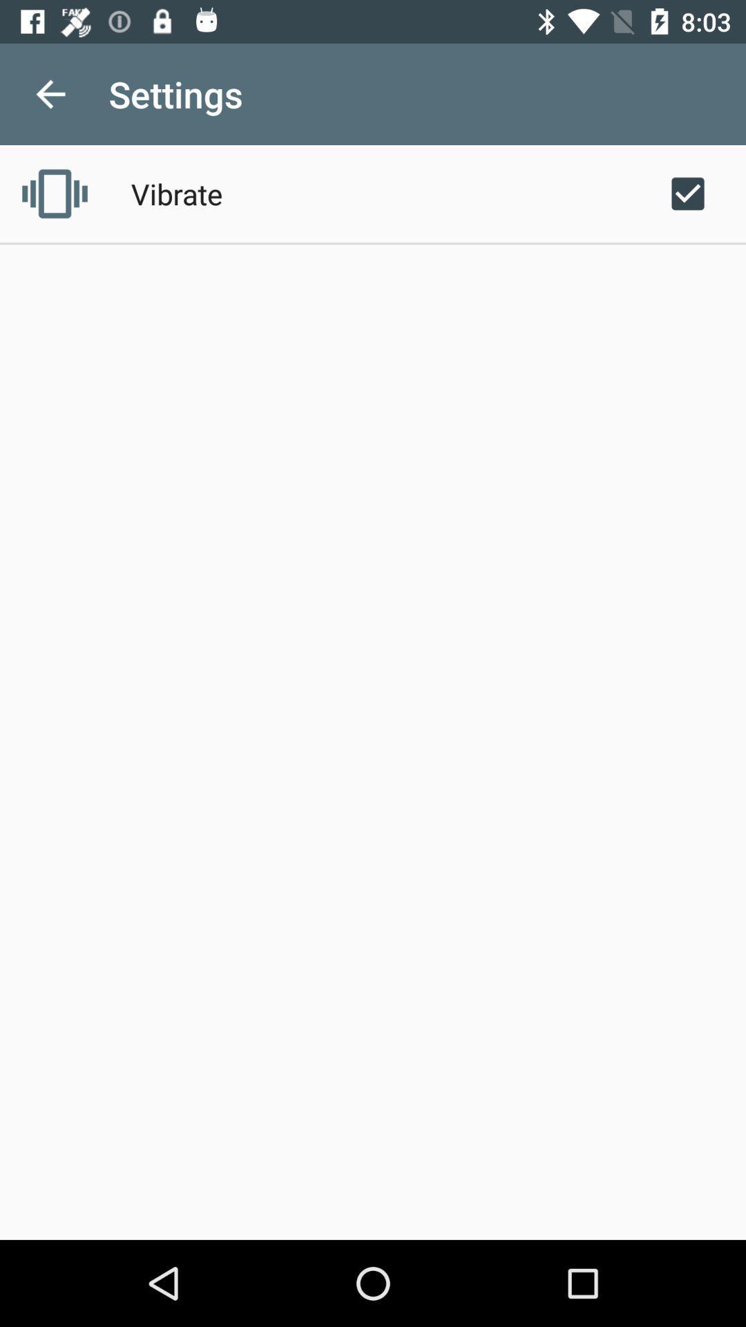  Describe the element at coordinates (176, 193) in the screenshot. I see `vibrate` at that location.